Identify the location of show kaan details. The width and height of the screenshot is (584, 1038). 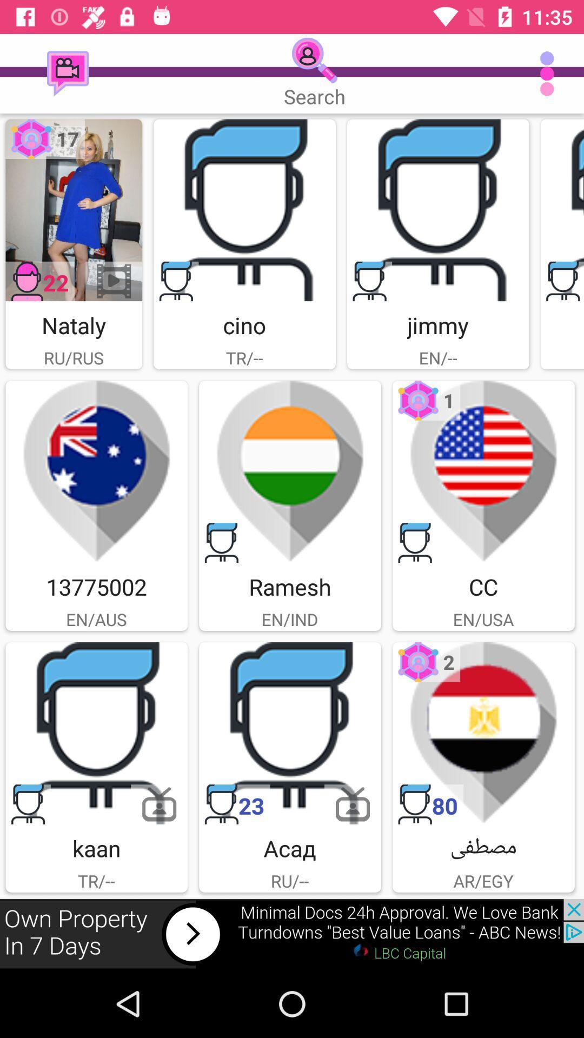
(96, 733).